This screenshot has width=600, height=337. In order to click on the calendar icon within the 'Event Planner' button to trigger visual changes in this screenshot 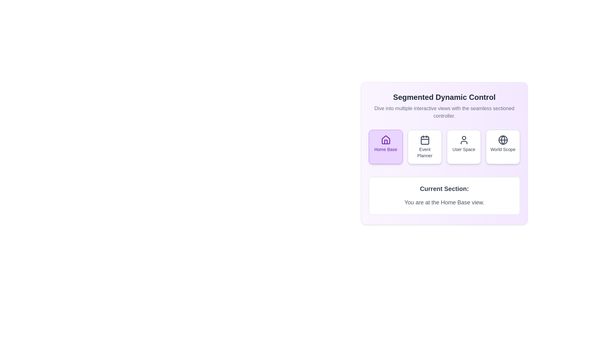, I will do `click(425, 140)`.